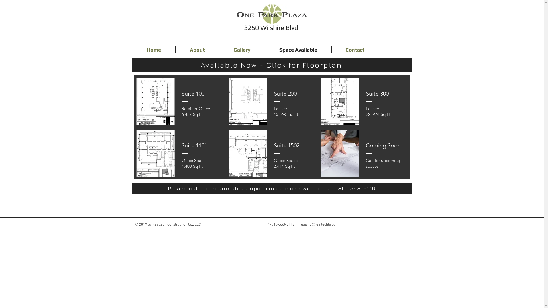 The height and width of the screenshot is (308, 548). Describe the element at coordinates (355, 49) in the screenshot. I see `'Contact'` at that location.